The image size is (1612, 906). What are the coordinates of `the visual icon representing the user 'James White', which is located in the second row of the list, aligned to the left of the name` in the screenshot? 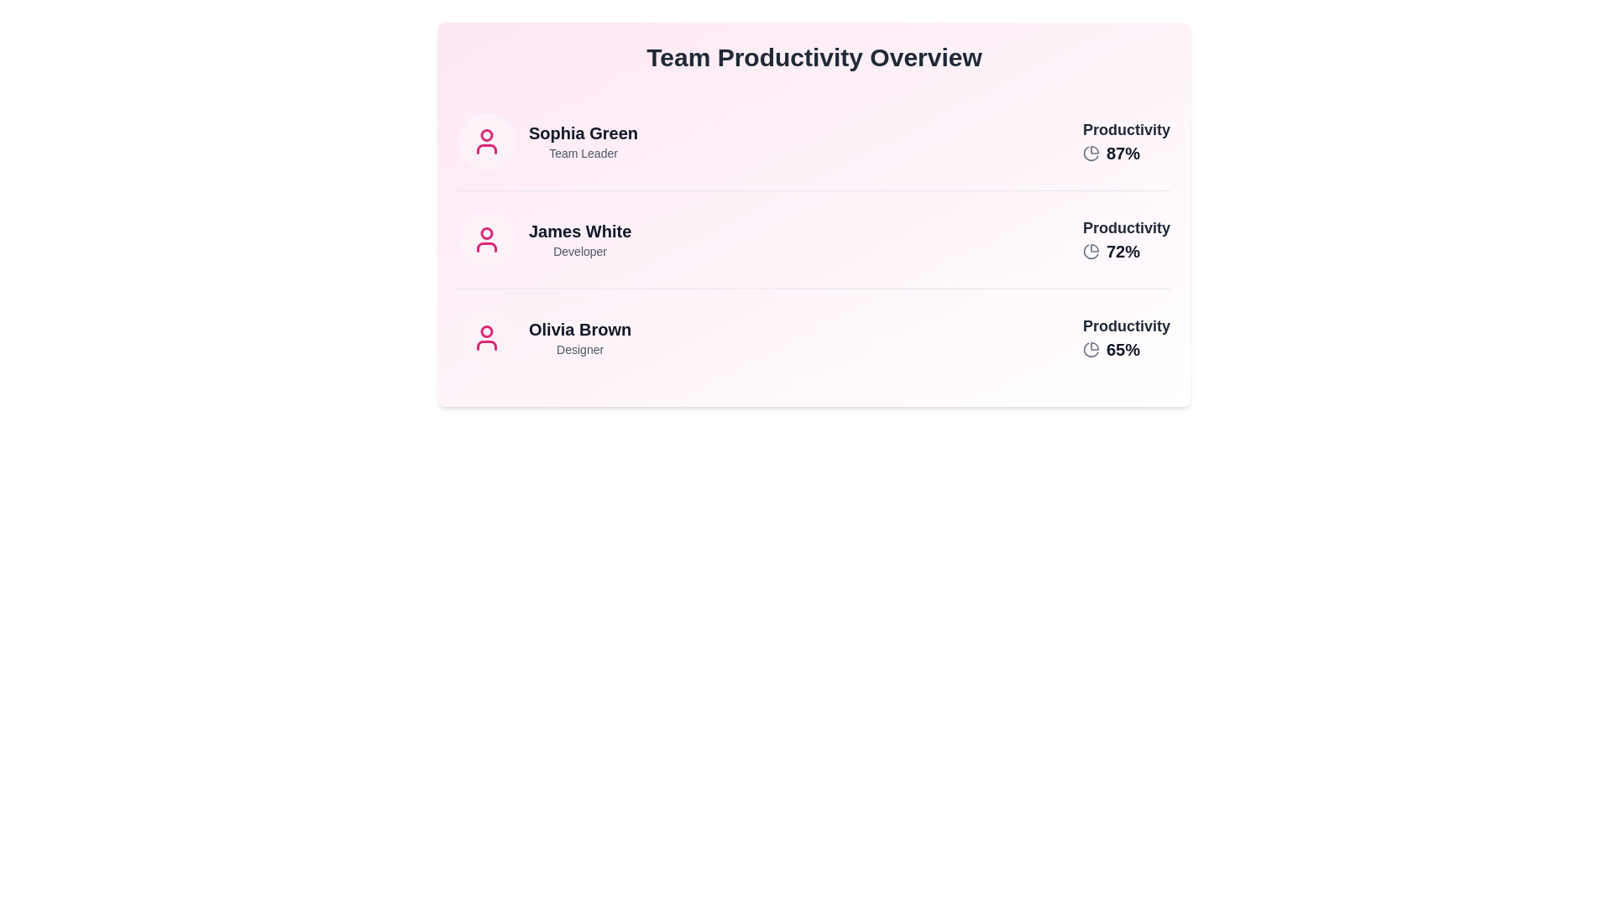 It's located at (486, 239).